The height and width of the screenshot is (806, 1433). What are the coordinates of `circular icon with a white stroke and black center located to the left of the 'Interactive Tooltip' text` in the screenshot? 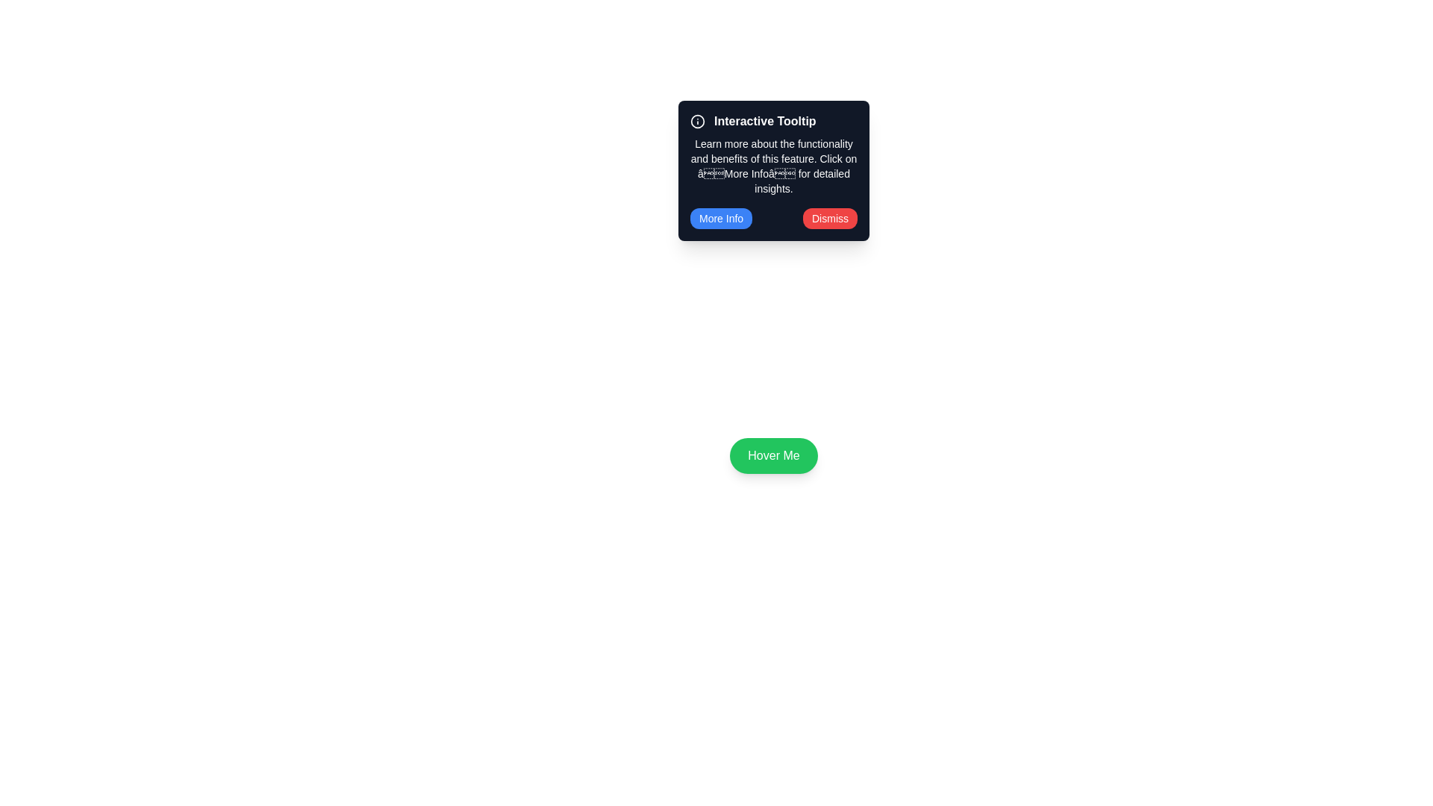 It's located at (697, 120).